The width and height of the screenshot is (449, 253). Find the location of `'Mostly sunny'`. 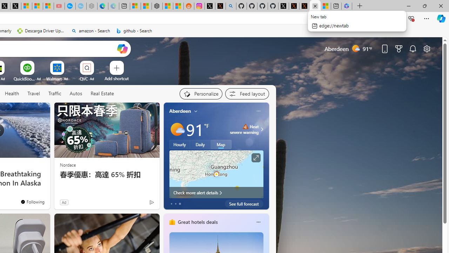

'Mostly sunny' is located at coordinates (177, 129).